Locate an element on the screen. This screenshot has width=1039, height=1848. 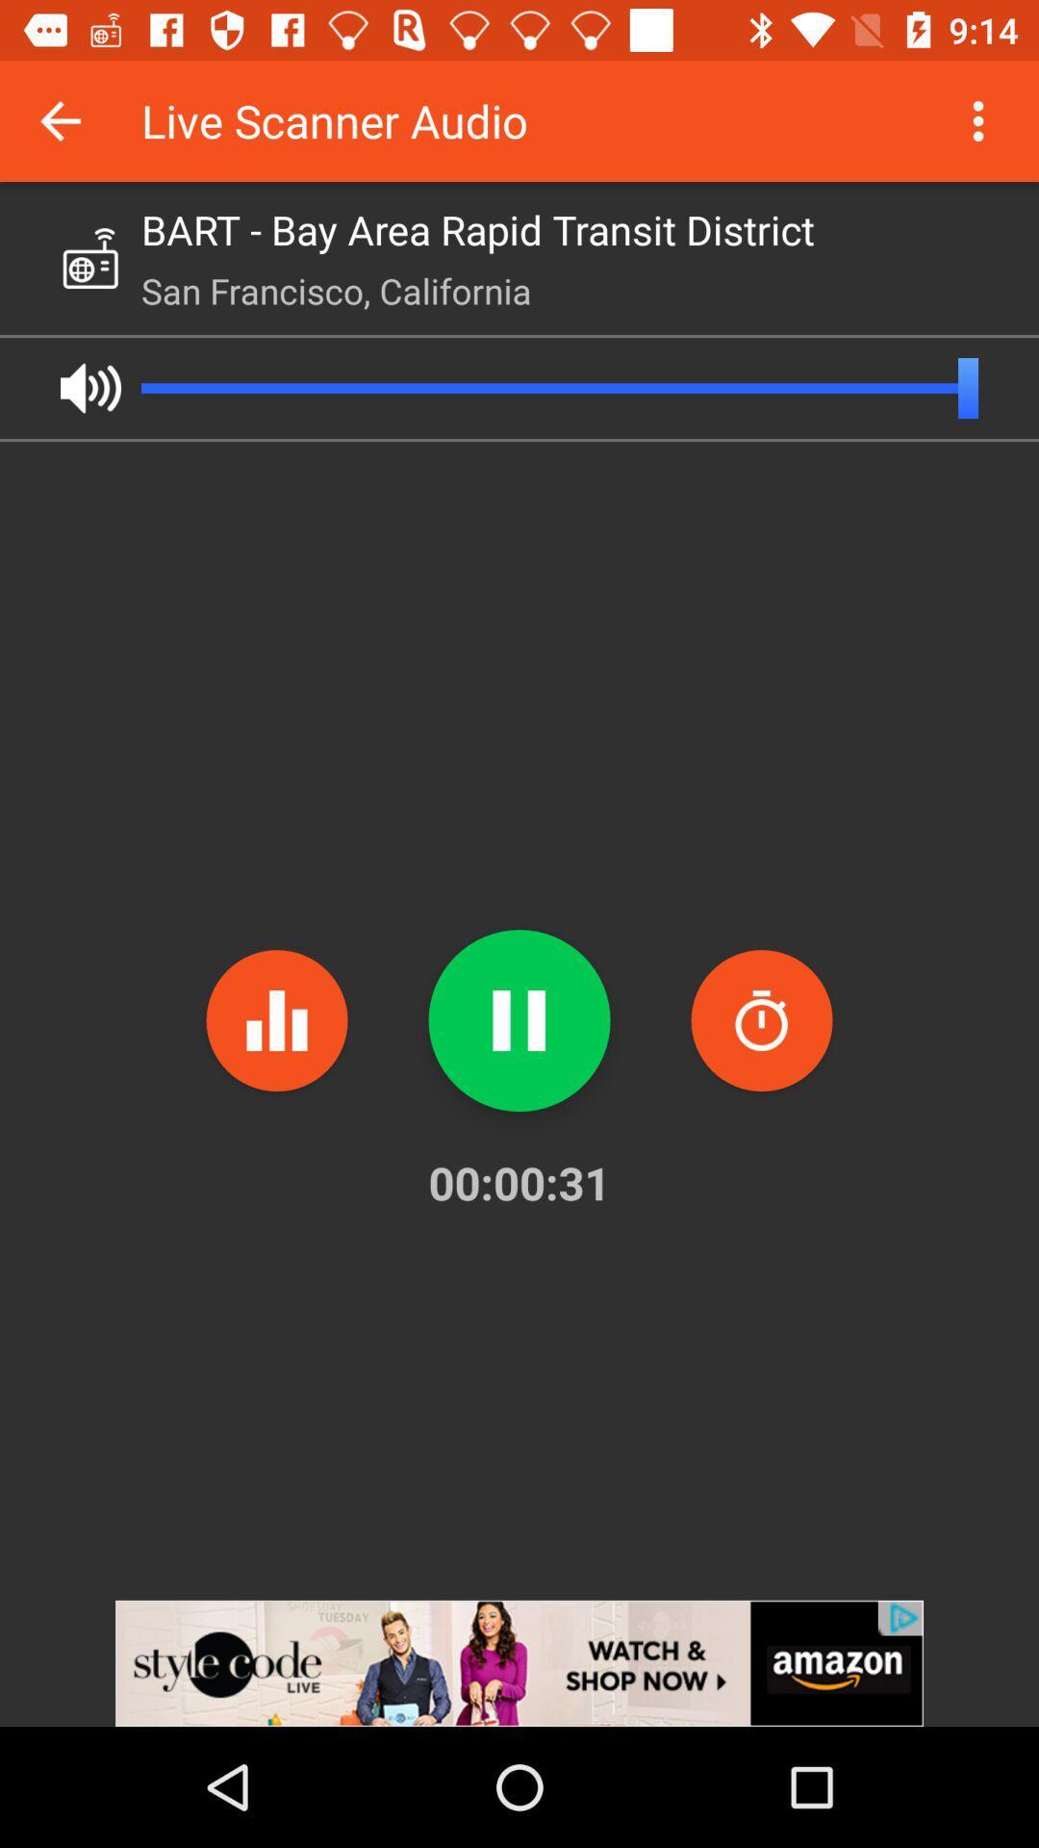
the more icon is located at coordinates (978, 119).